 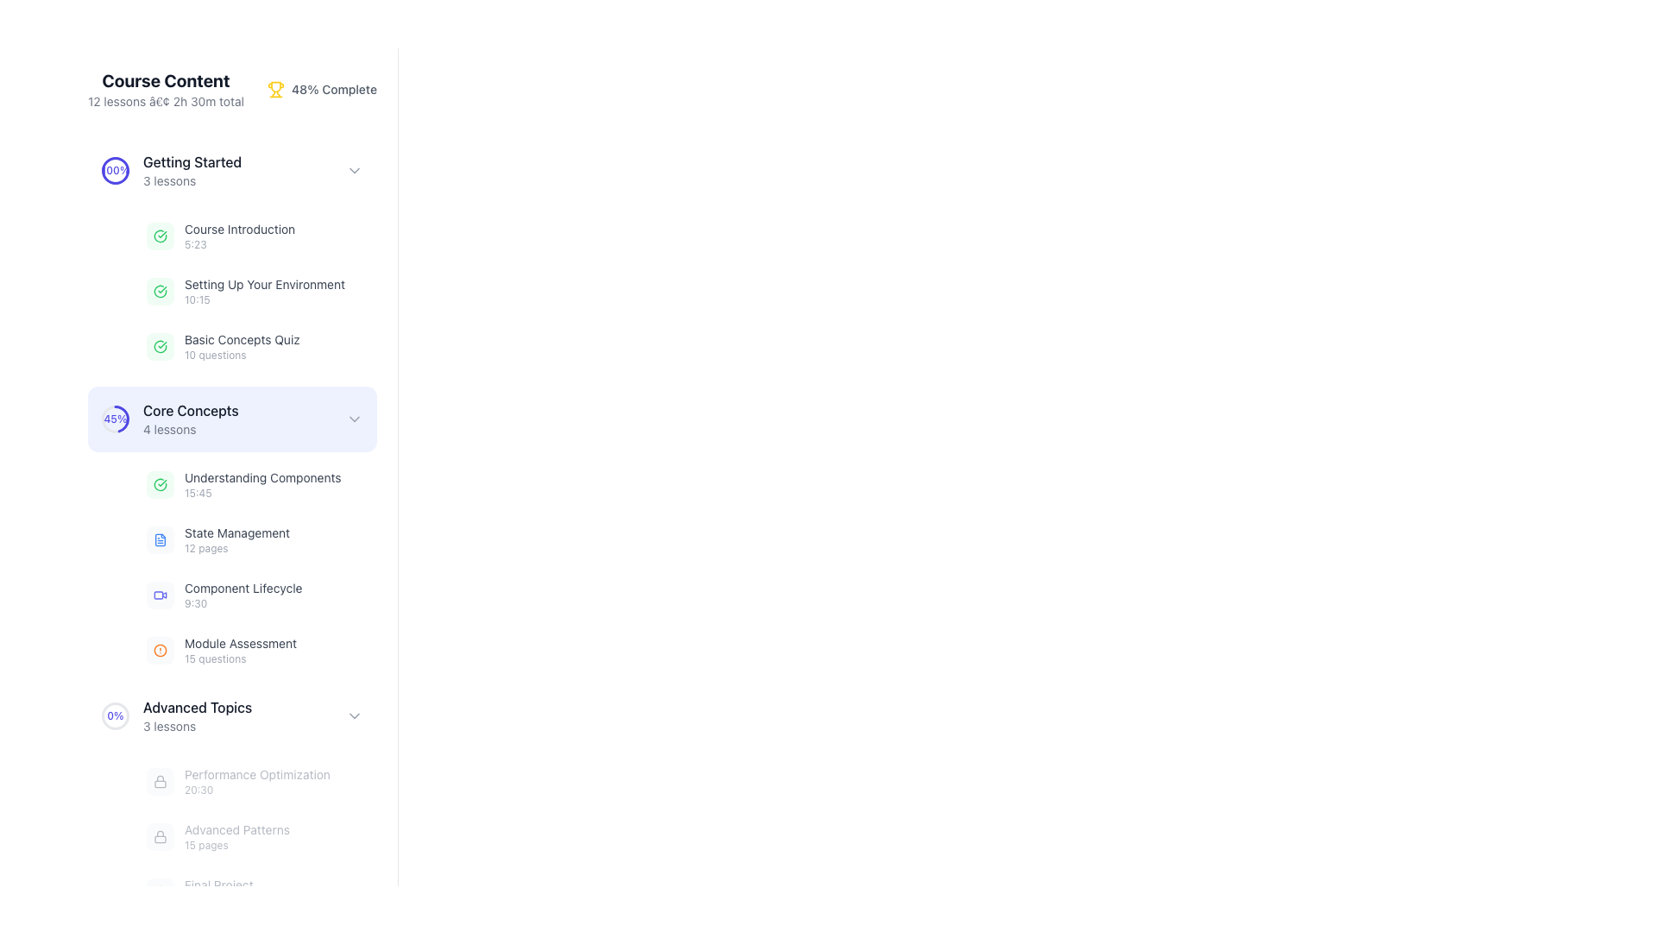 What do you see at coordinates (192, 162) in the screenshot?
I see `the header text for the 'Getting Started' section located in the left sidebar's course content area, positioned above the subtext '3 lessons'` at bounding box center [192, 162].